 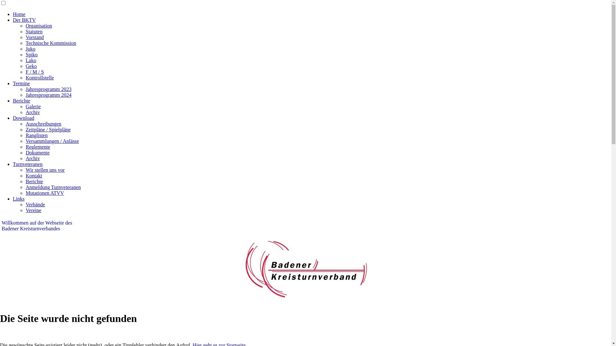 I want to click on 'Willkommen auf der Webseite des, so click(x=37, y=225).